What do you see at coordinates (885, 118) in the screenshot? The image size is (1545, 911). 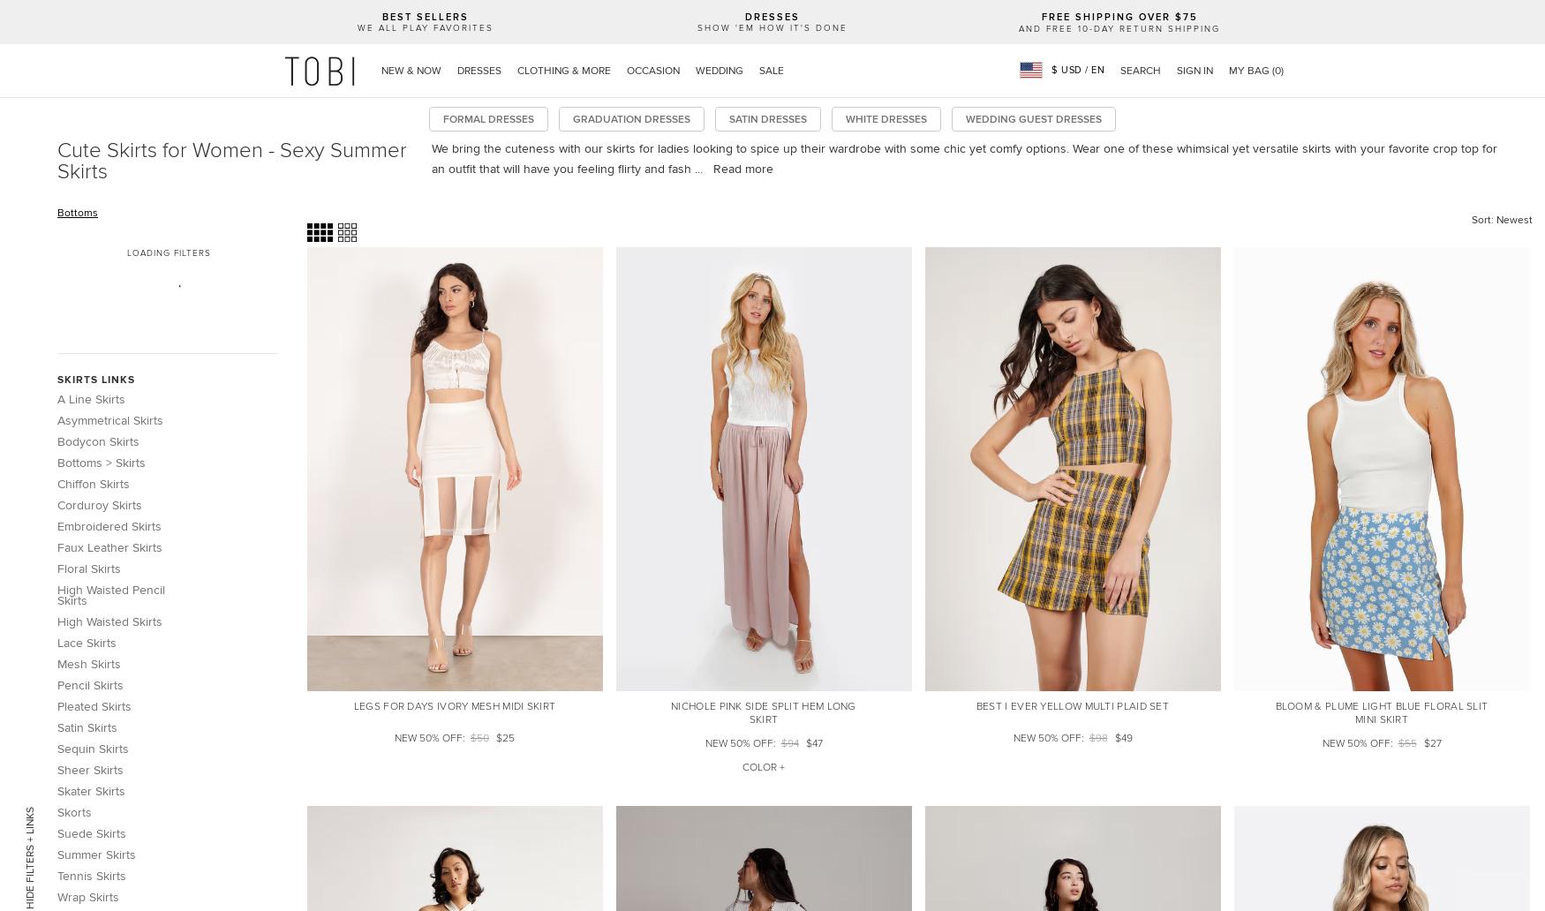 I see `'White Dresses'` at bounding box center [885, 118].